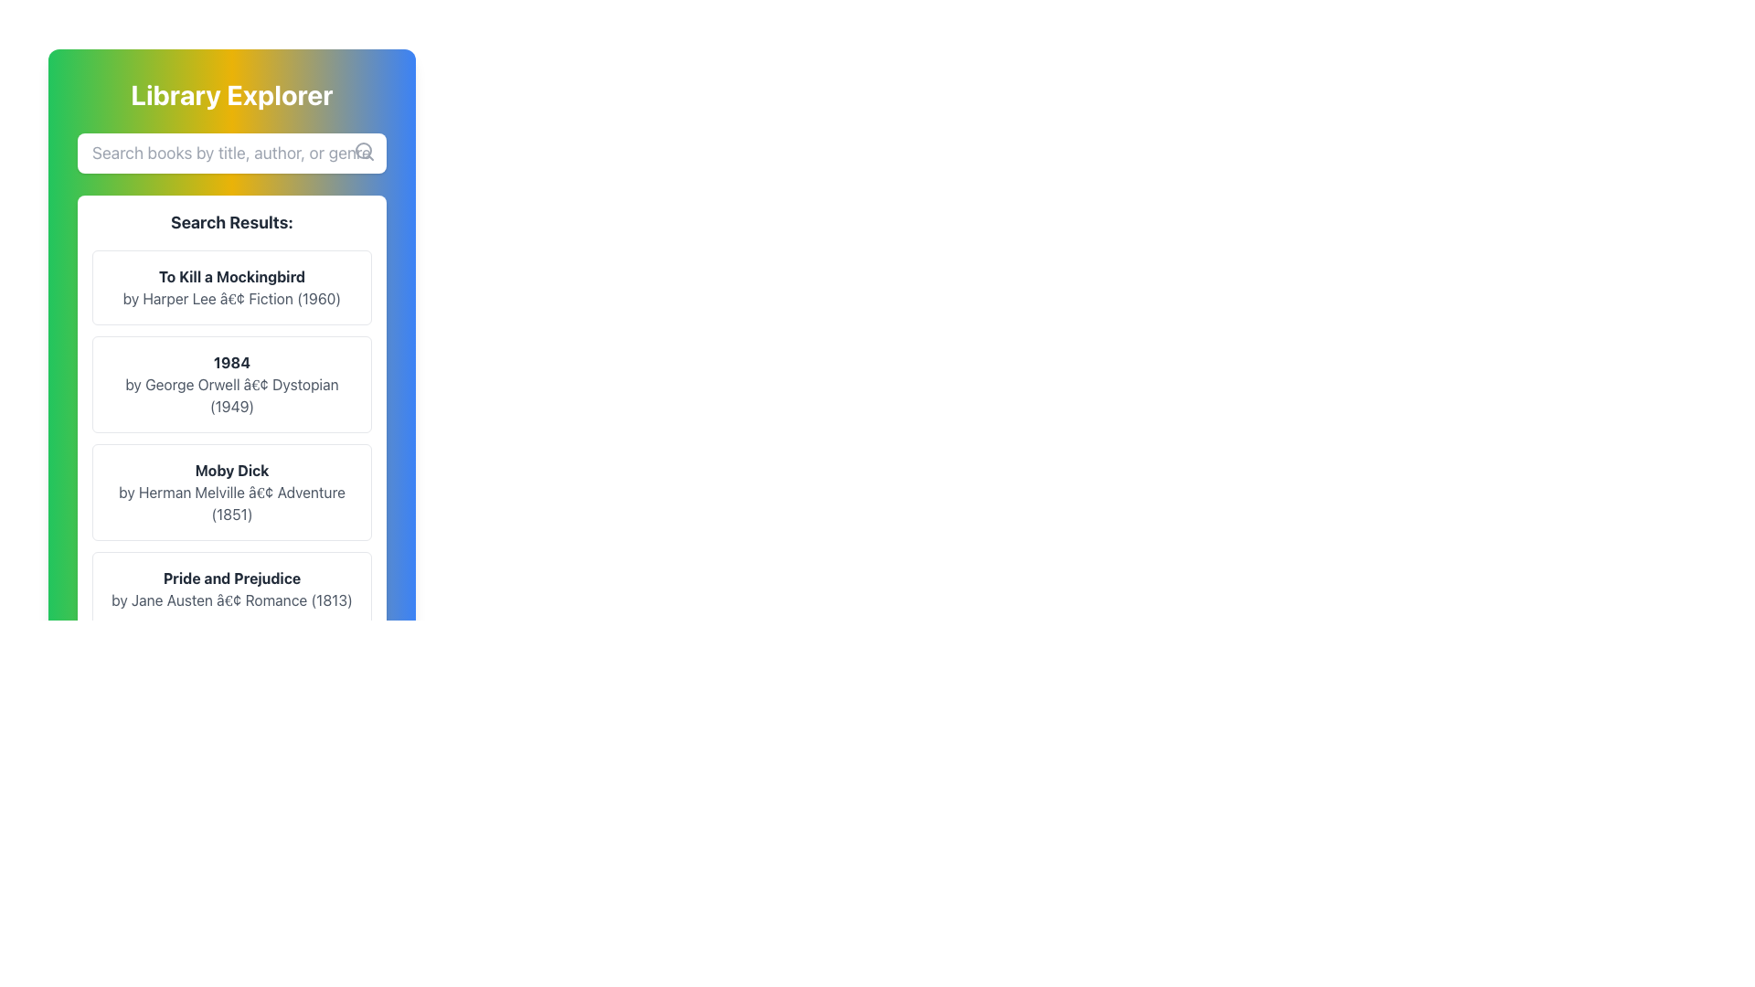 This screenshot has height=987, width=1755. I want to click on SVG Circle Element that represents the loop of the search icon, located at the top-right of the search bar area, so click(364, 150).